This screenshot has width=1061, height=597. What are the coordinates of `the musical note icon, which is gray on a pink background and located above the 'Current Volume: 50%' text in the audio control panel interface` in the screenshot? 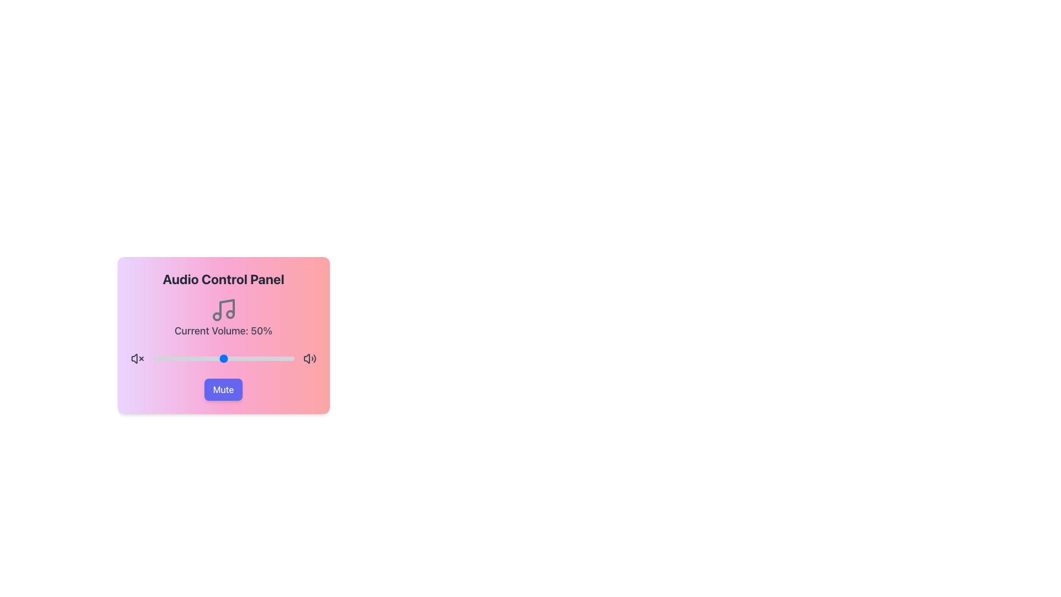 It's located at (223, 310).